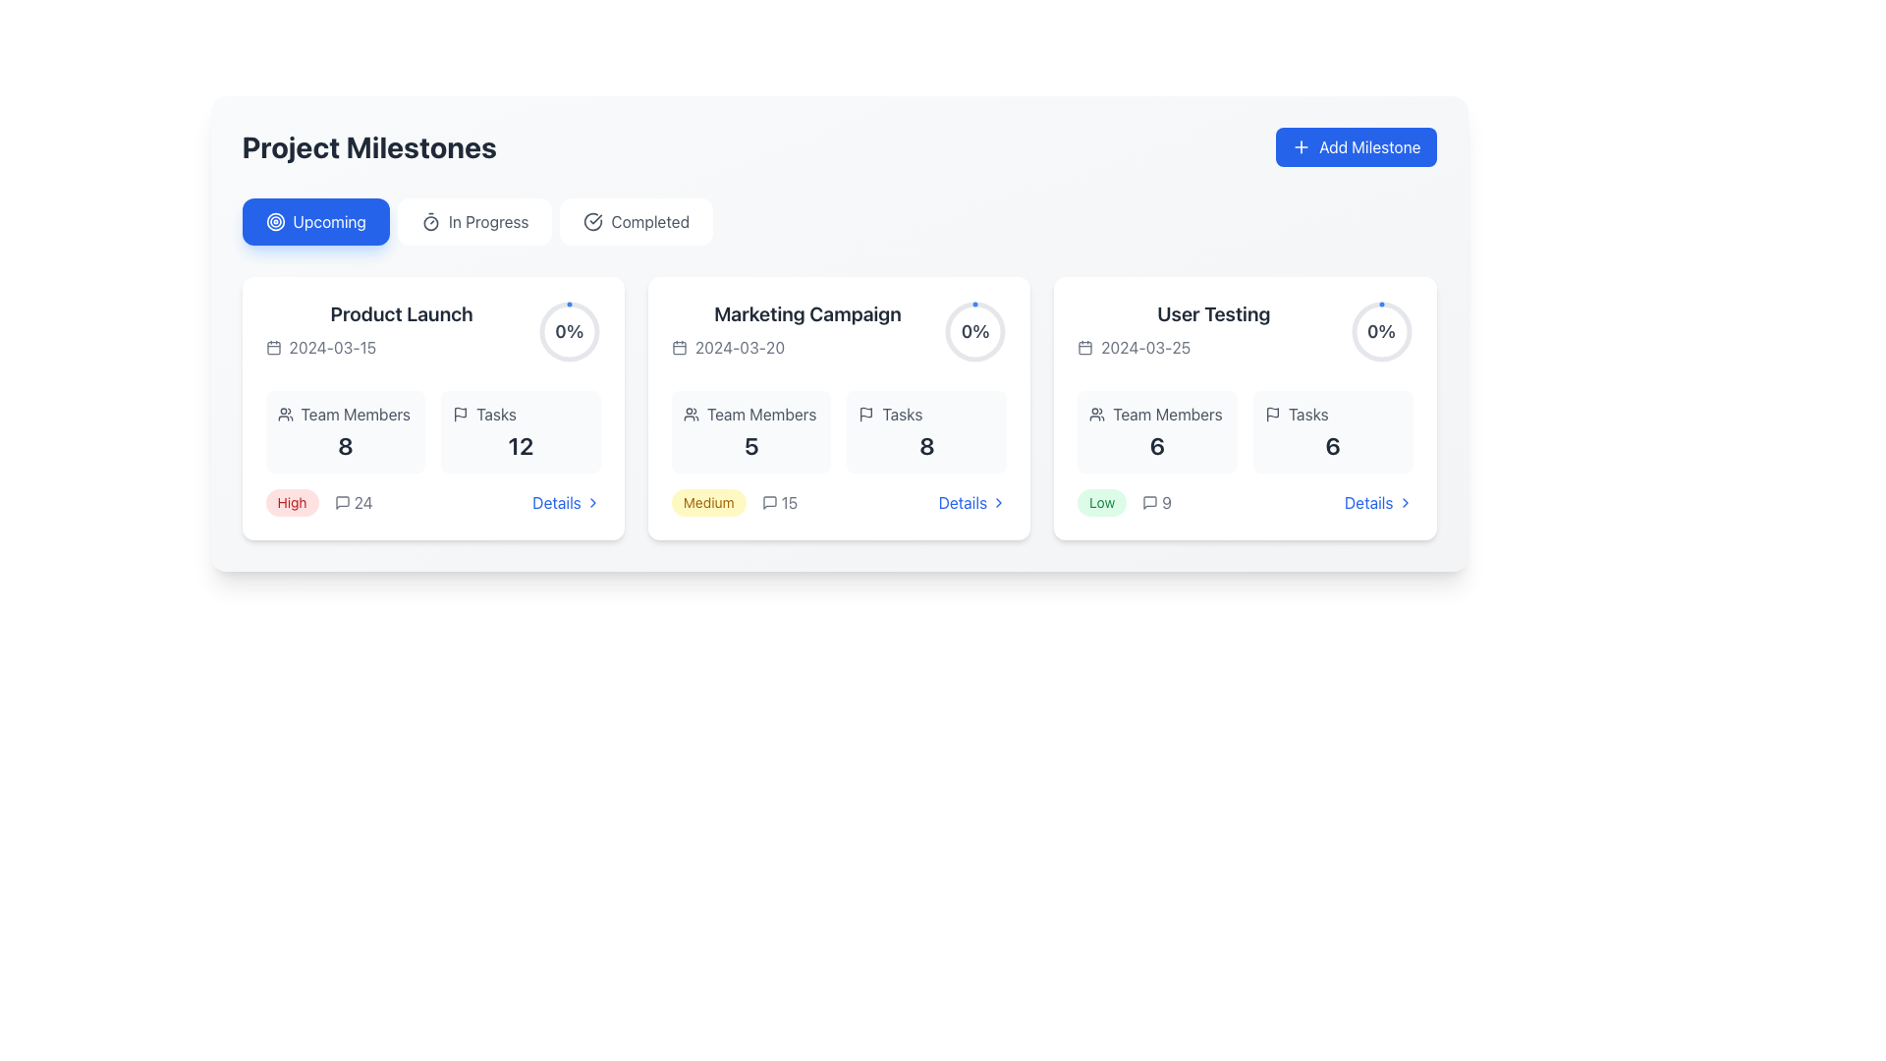 The height and width of the screenshot is (1061, 1886). What do you see at coordinates (460, 413) in the screenshot?
I see `the icon that serves as a visual identifier for the 'Tasks' label, located to the left of the 'Tasks' text` at bounding box center [460, 413].